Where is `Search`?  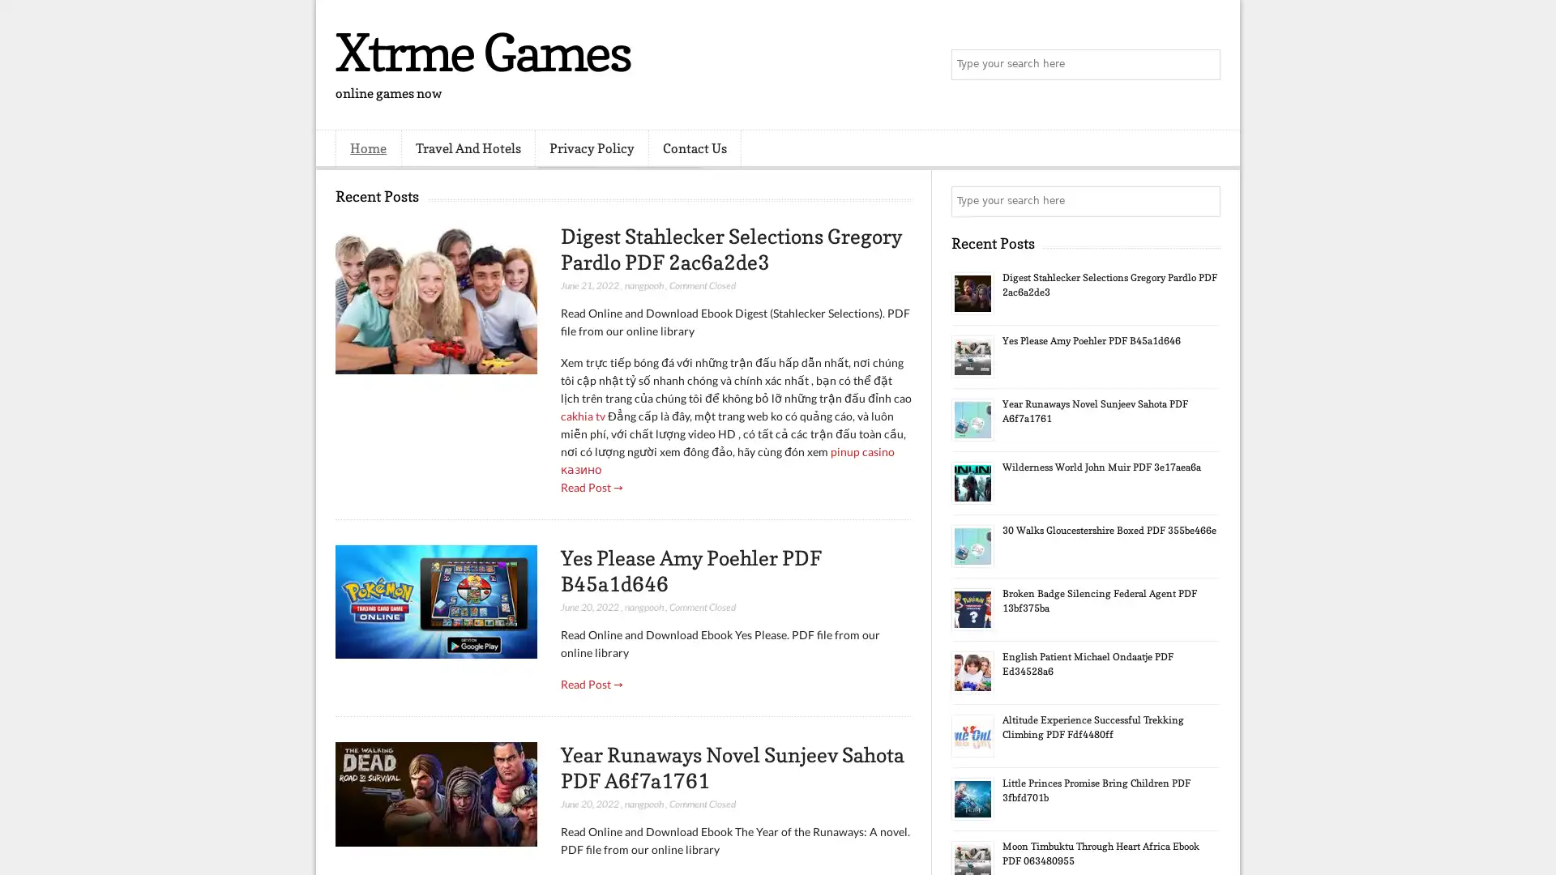
Search is located at coordinates (1203, 201).